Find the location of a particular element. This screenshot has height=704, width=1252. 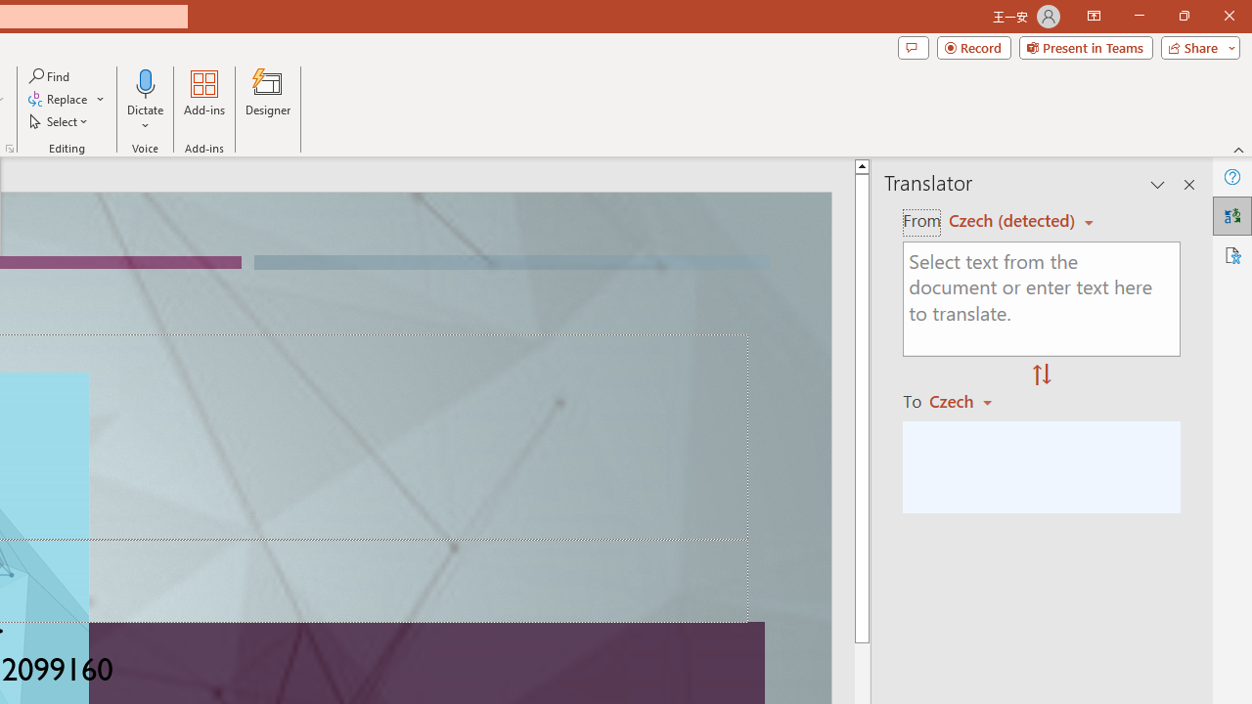

'Czech (detected)' is located at coordinates (1014, 220).